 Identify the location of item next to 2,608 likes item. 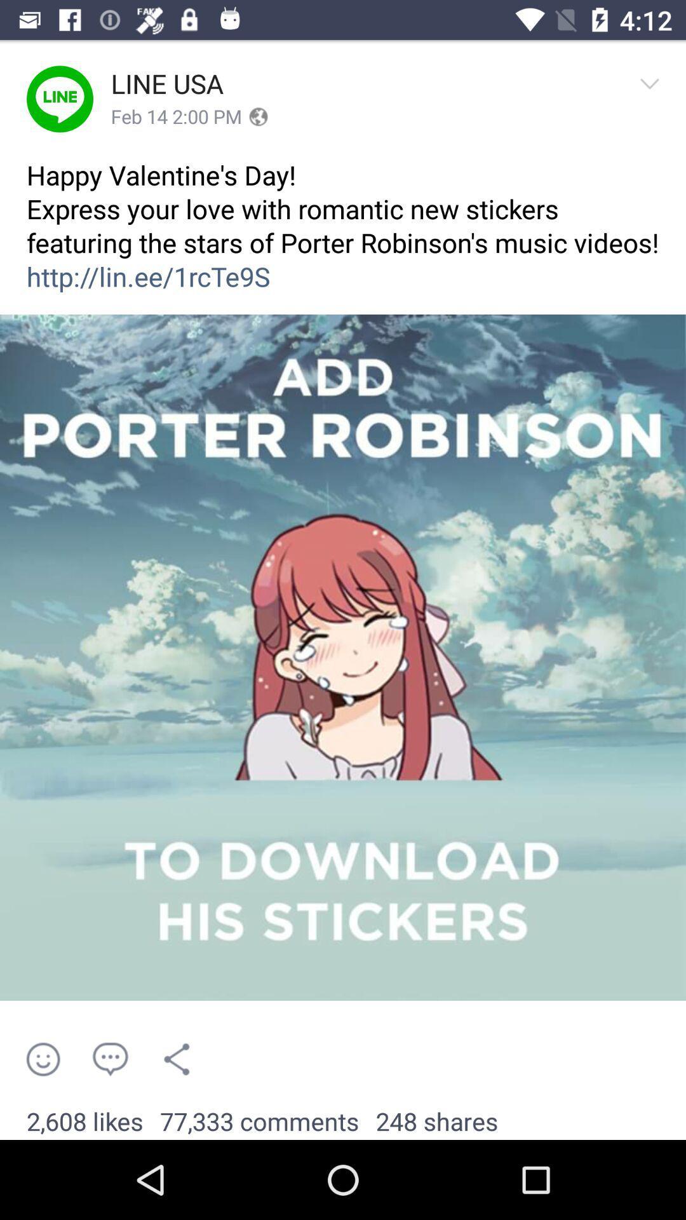
(259, 1122).